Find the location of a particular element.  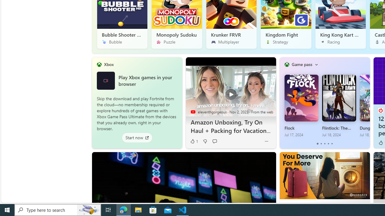

'tab-0' is located at coordinates (317, 144).